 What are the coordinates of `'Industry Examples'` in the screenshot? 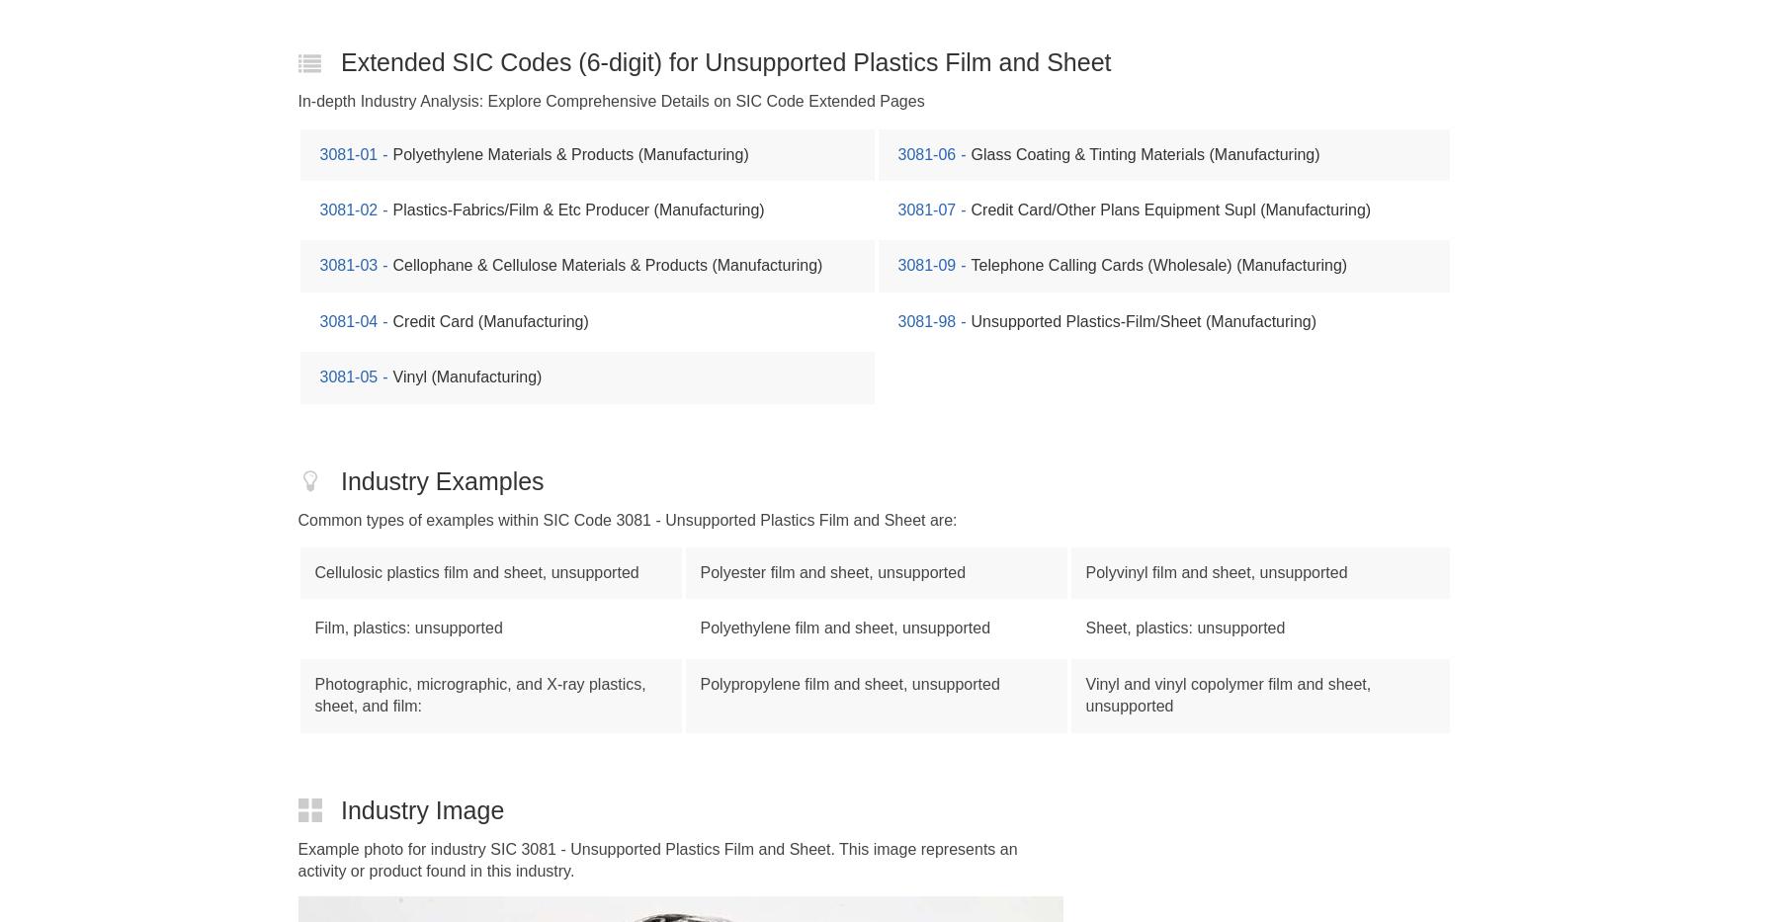 It's located at (339, 479).